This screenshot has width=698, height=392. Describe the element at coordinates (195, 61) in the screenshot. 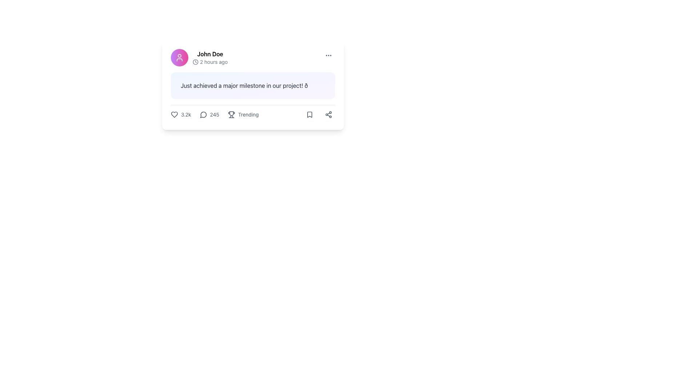

I see `the clock icon that indicates the recency of the associated activity or post, located next to the text '2 hours ago'` at that location.